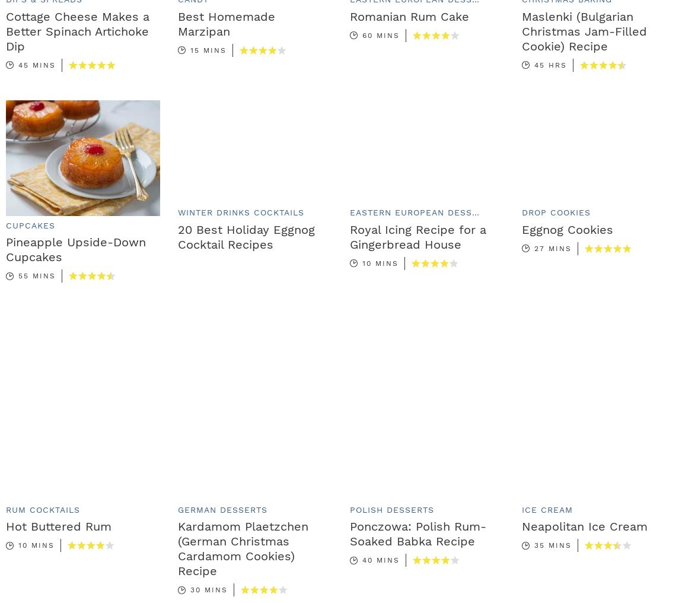 The height and width of the screenshot is (603, 682). What do you see at coordinates (227, 23) in the screenshot?
I see `'Best Homemade Marzipan'` at bounding box center [227, 23].